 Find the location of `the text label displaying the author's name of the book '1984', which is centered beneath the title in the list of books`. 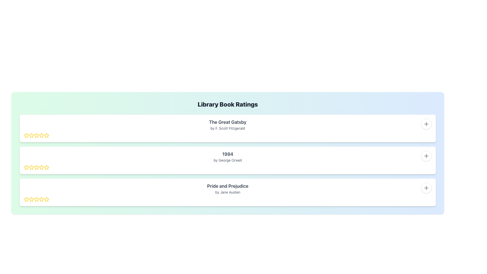

the text label displaying the author's name of the book '1984', which is centered beneath the title in the list of books is located at coordinates (227, 160).